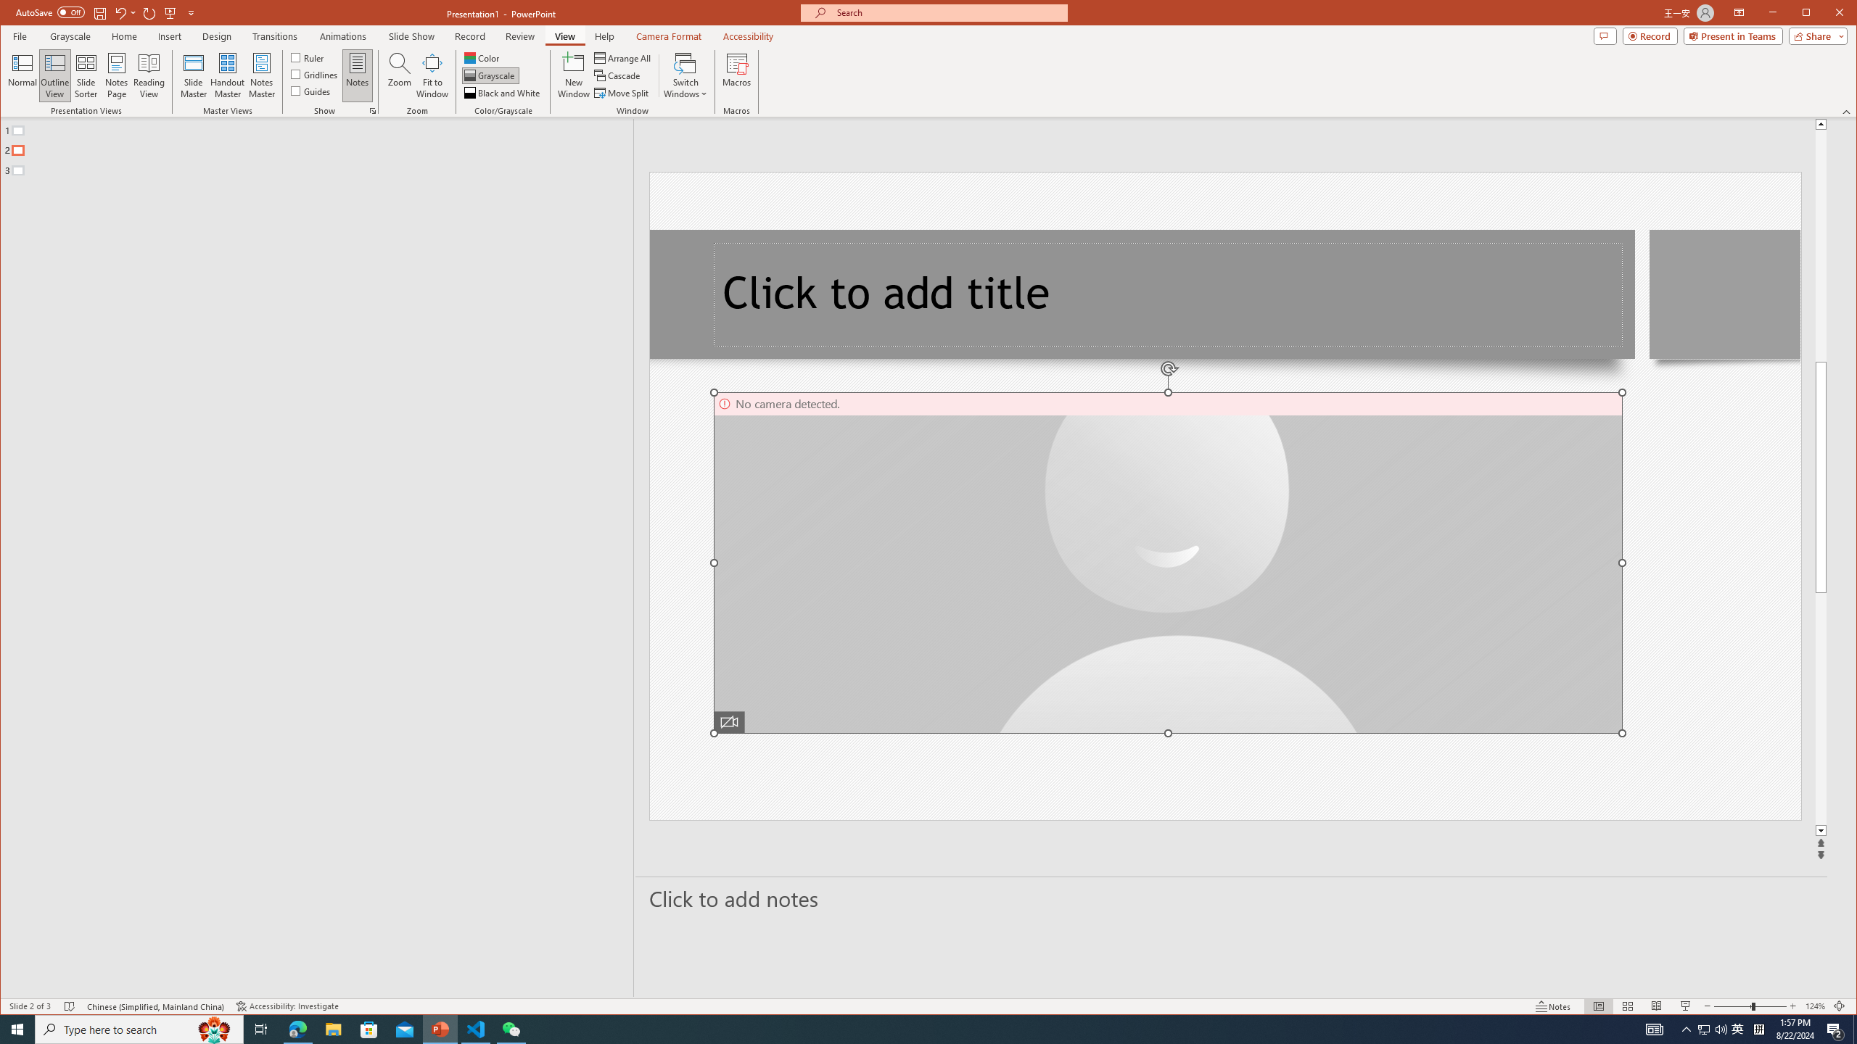  I want to click on 'Macros', so click(736, 75).